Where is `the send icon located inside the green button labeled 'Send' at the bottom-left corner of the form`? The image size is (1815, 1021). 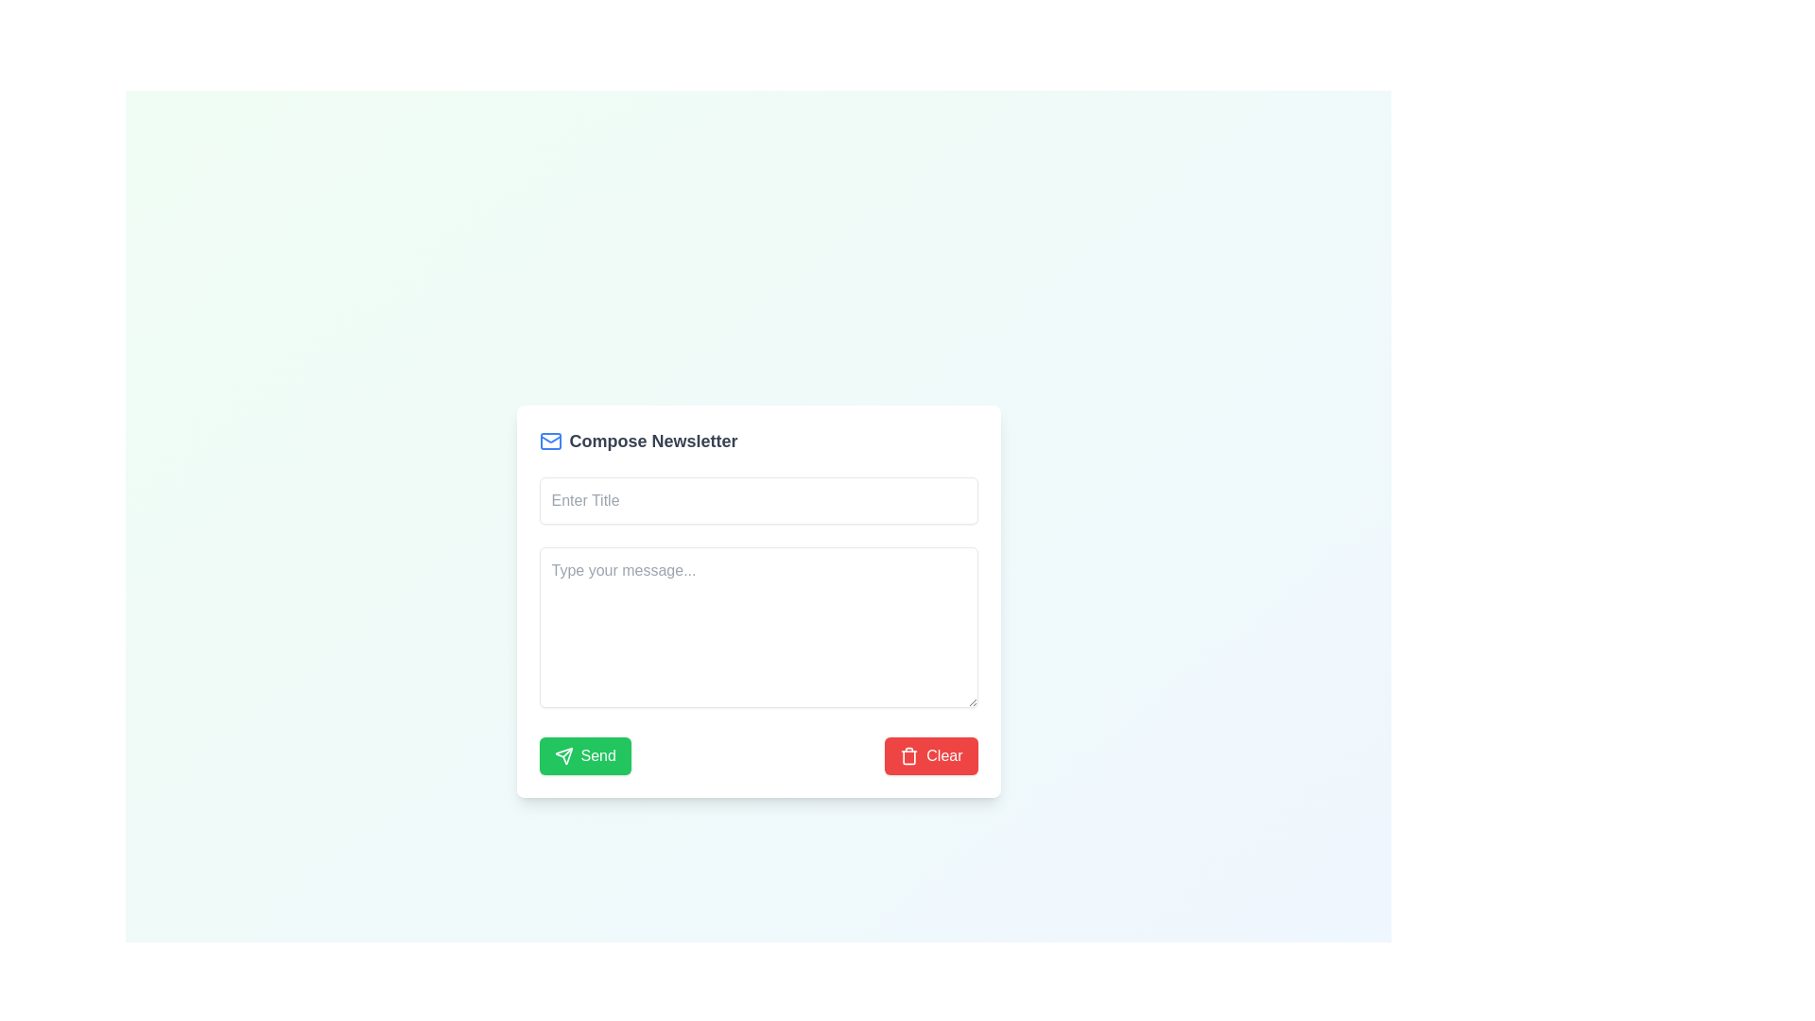
the send icon located inside the green button labeled 'Send' at the bottom-left corner of the form is located at coordinates (562, 754).